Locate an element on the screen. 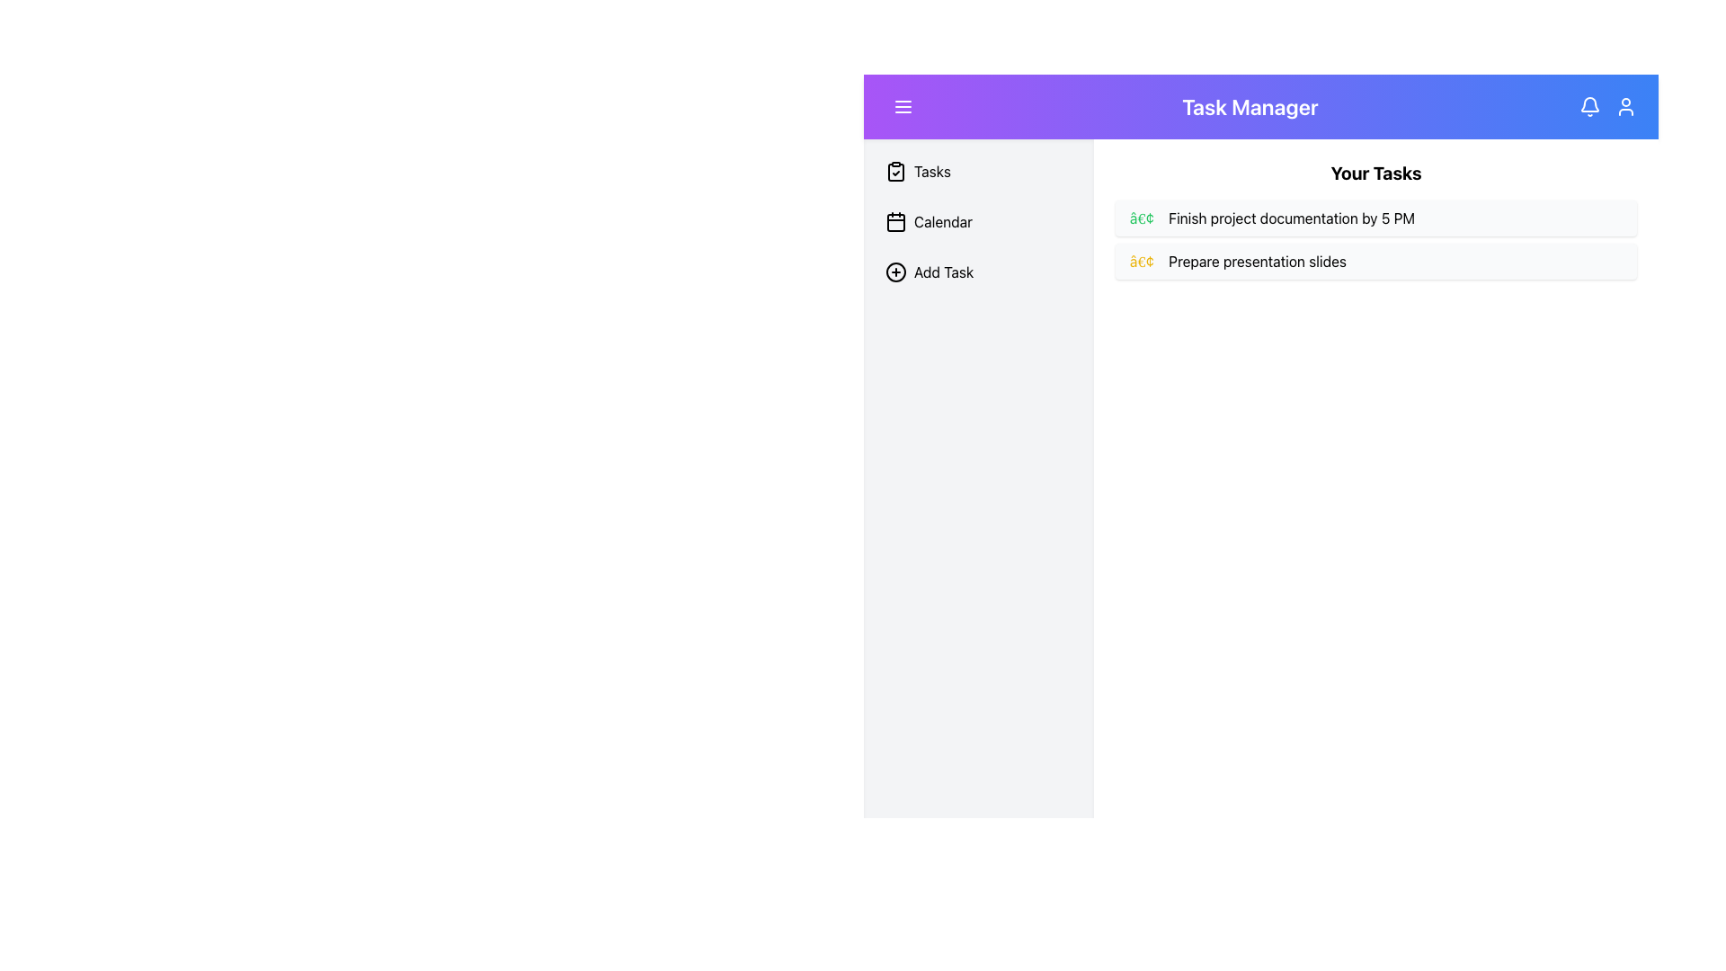 The image size is (1726, 971). the first list item displaying the task 'Finish project documentation by 5 PM' under the 'Your Tasks' heading is located at coordinates (1375, 219).